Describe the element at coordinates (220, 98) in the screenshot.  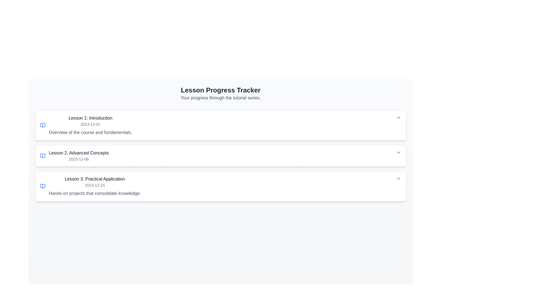
I see `the subtitle text element that reads 'Your progress through the tutorial series', which is located directly below the 'Lesson Progress Tracker' header` at that location.